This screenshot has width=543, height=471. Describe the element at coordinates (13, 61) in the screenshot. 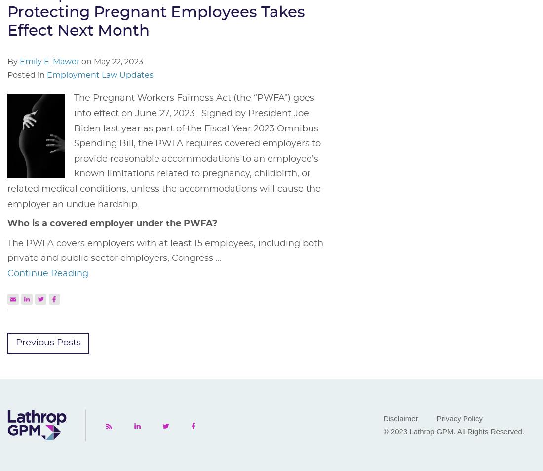

I see `'By'` at that location.